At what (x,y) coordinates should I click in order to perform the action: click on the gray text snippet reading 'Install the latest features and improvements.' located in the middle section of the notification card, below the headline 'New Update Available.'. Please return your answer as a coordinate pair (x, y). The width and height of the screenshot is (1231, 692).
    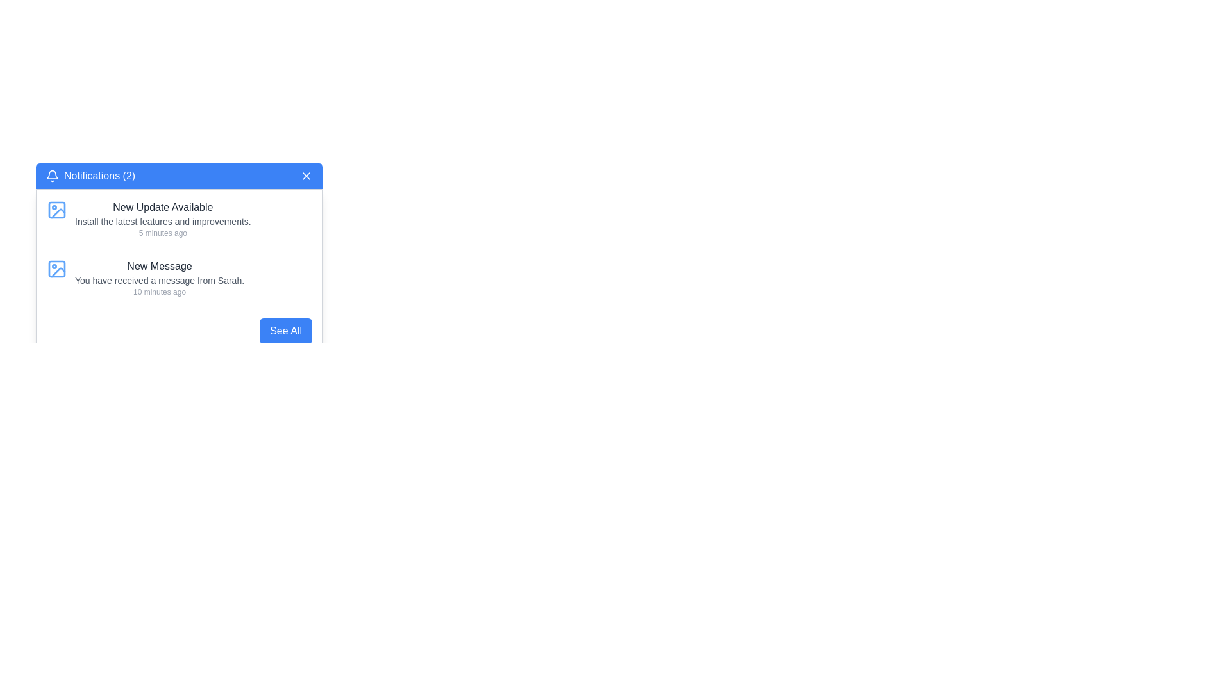
    Looking at the image, I should click on (162, 221).